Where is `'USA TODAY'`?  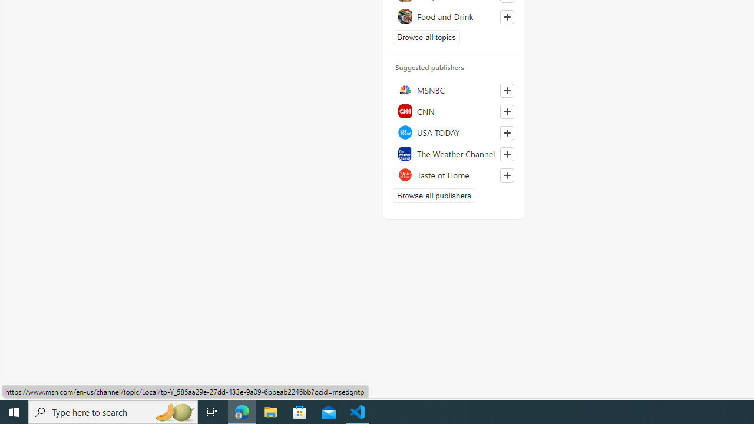 'USA TODAY' is located at coordinates (453, 132).